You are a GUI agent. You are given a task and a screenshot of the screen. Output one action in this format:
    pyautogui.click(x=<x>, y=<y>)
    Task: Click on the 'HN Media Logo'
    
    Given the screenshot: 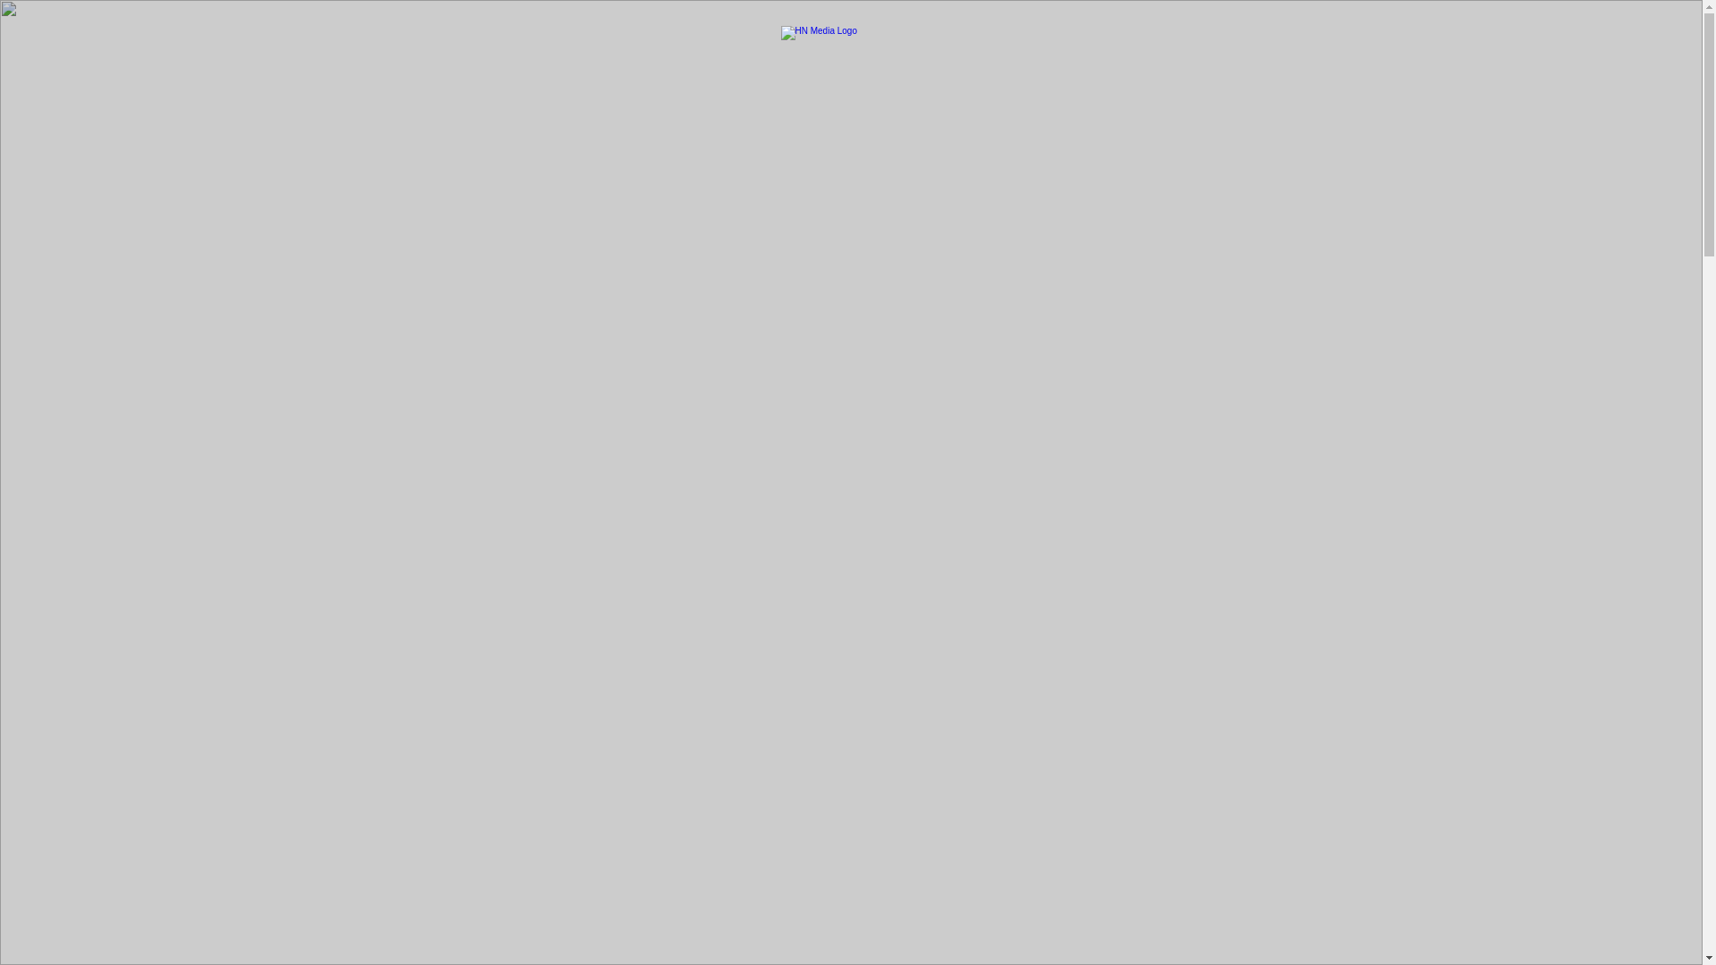 What is the action you would take?
    pyautogui.click(x=850, y=43)
    